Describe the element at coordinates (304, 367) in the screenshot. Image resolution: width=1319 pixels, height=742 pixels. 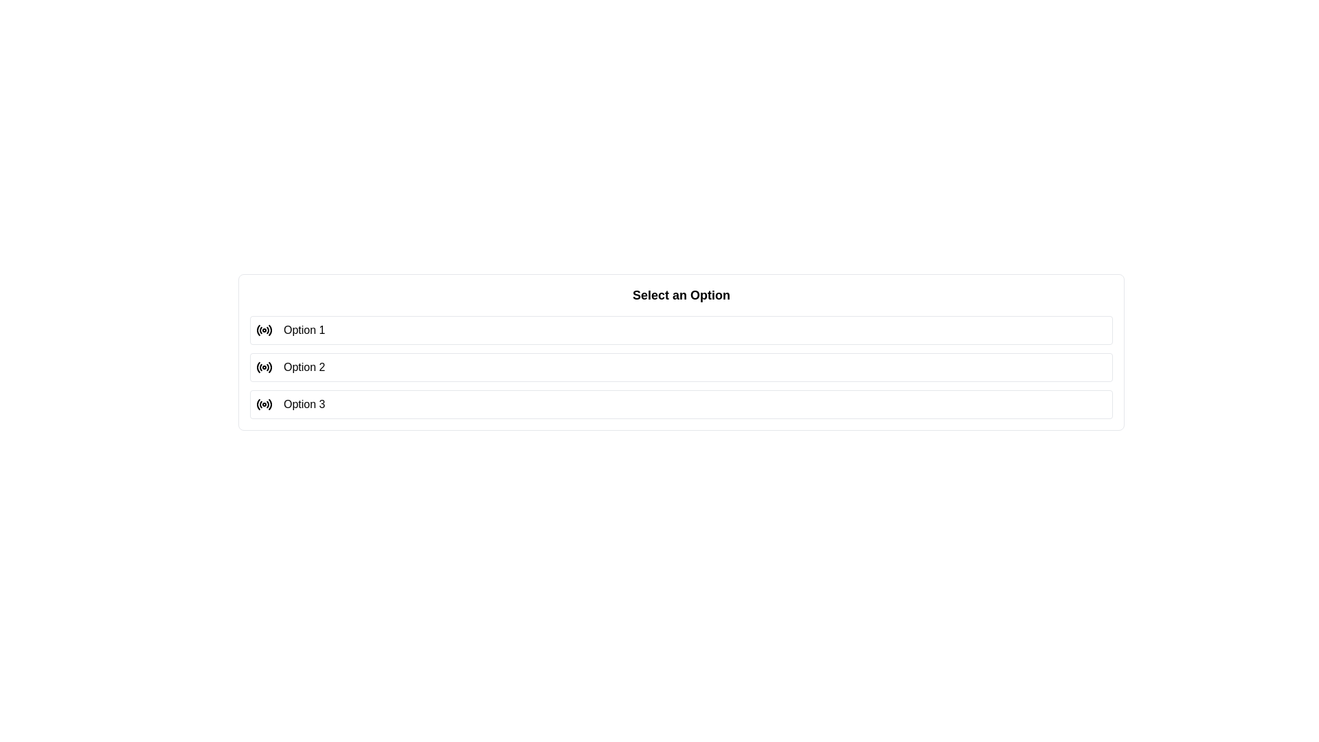
I see `label text of the radio button labeled 'Option 2', which is part of a vertically aligned list of selectable options` at that location.